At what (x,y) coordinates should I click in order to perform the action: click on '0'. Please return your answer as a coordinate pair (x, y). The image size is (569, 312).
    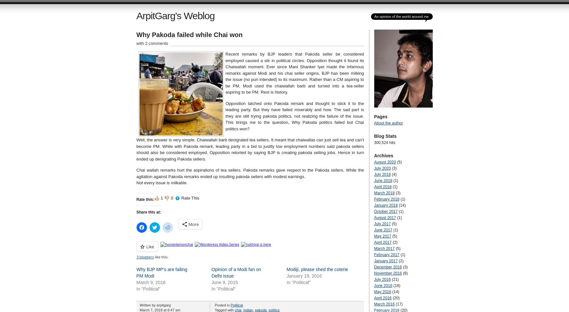
    Looking at the image, I should click on (170, 198).